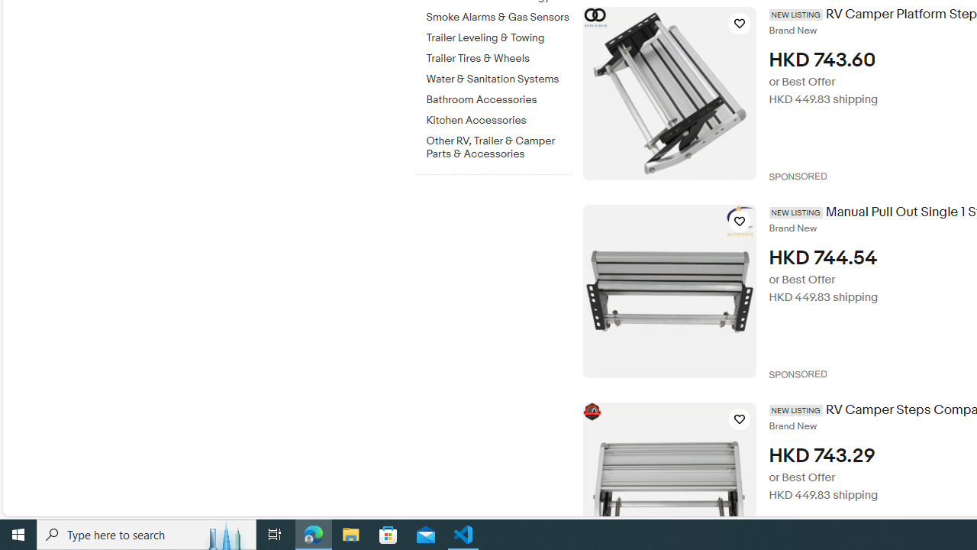 The image size is (977, 550). Describe the element at coordinates (498, 76) in the screenshot. I see `'Water & Sanitation Systems'` at that location.